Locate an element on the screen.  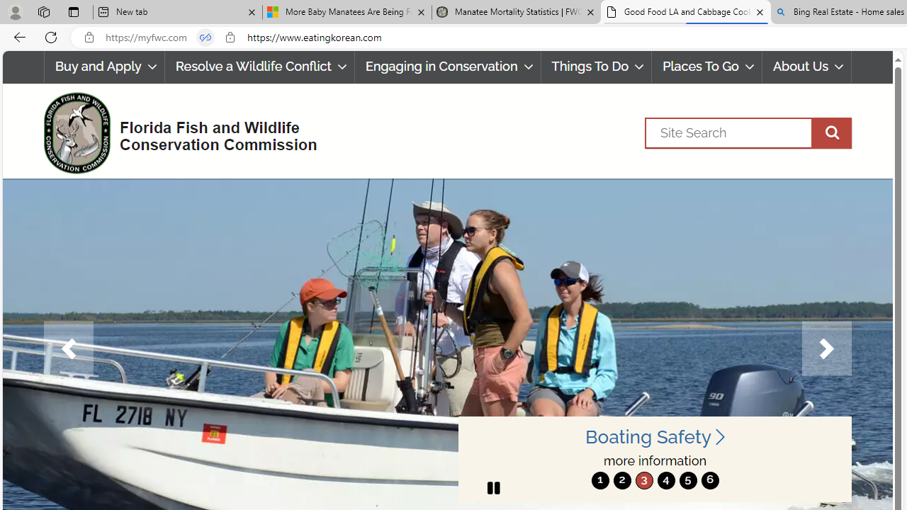
'move to slide 4' is located at coordinates (665, 480).